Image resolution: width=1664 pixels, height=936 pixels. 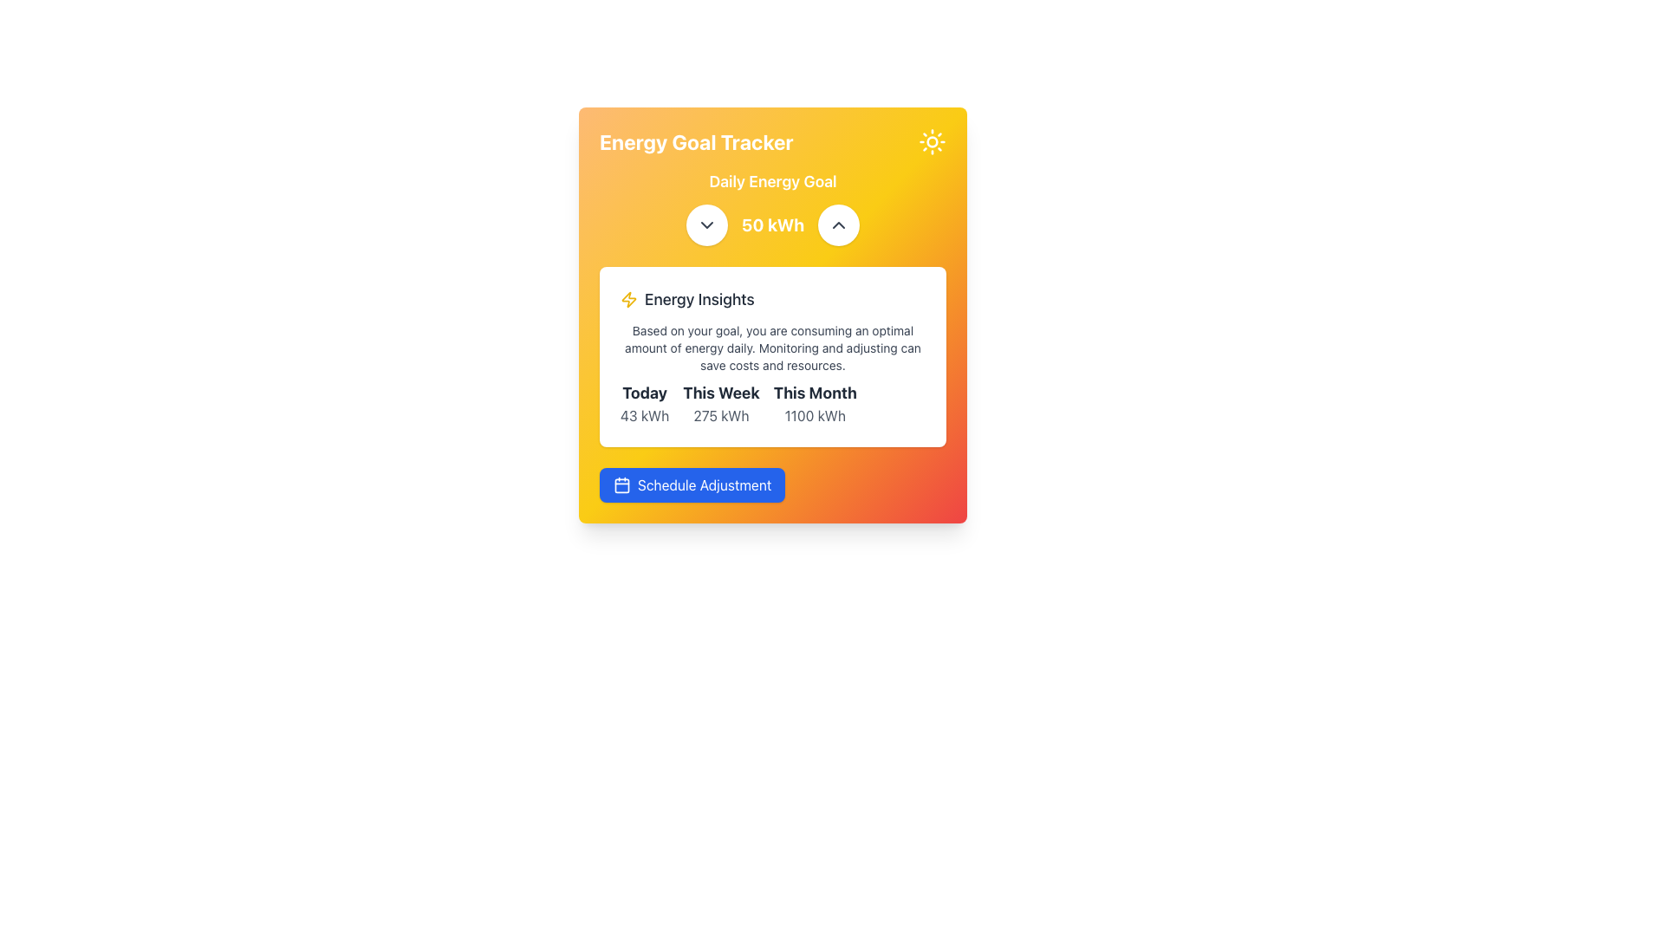 What do you see at coordinates (772, 141) in the screenshot?
I see `the title text element located at the uppermost section of the card, above the 'Daily Energy Goal' element` at bounding box center [772, 141].